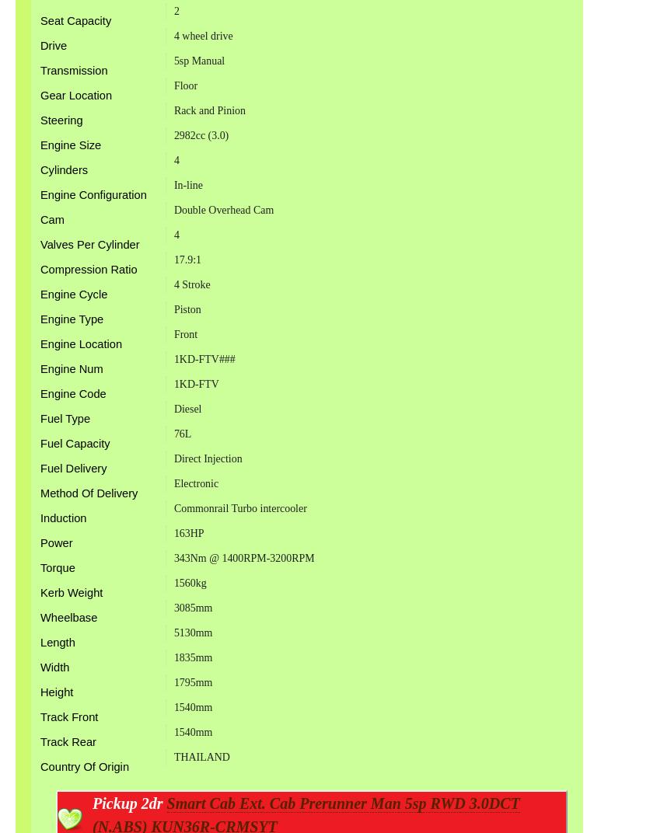 The height and width of the screenshot is (833, 657). What do you see at coordinates (39, 566) in the screenshot?
I see `'Torque'` at bounding box center [39, 566].